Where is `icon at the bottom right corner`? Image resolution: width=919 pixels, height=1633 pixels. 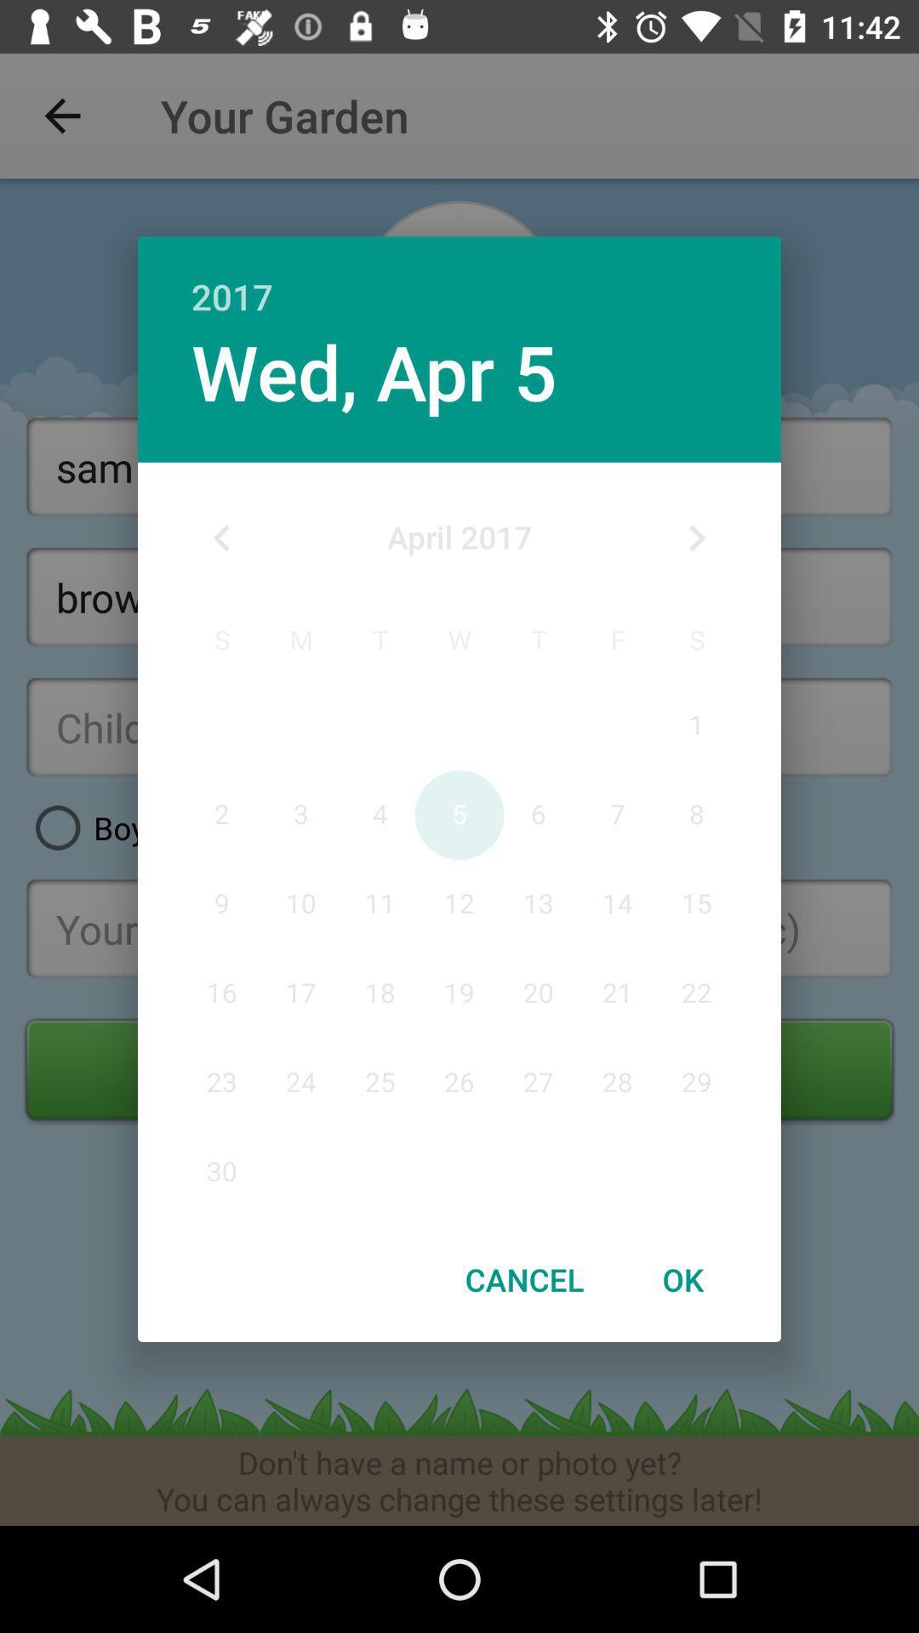 icon at the bottom right corner is located at coordinates (682, 1279).